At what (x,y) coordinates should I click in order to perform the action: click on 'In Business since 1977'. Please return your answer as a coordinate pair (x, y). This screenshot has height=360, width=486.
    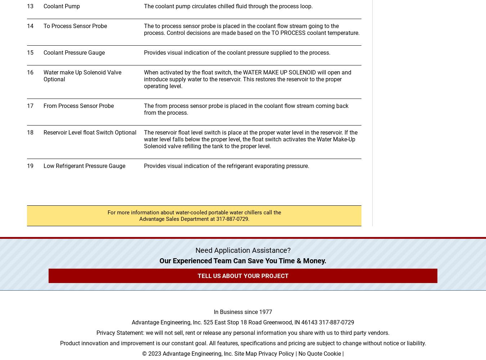
    Looking at the image, I should click on (243, 312).